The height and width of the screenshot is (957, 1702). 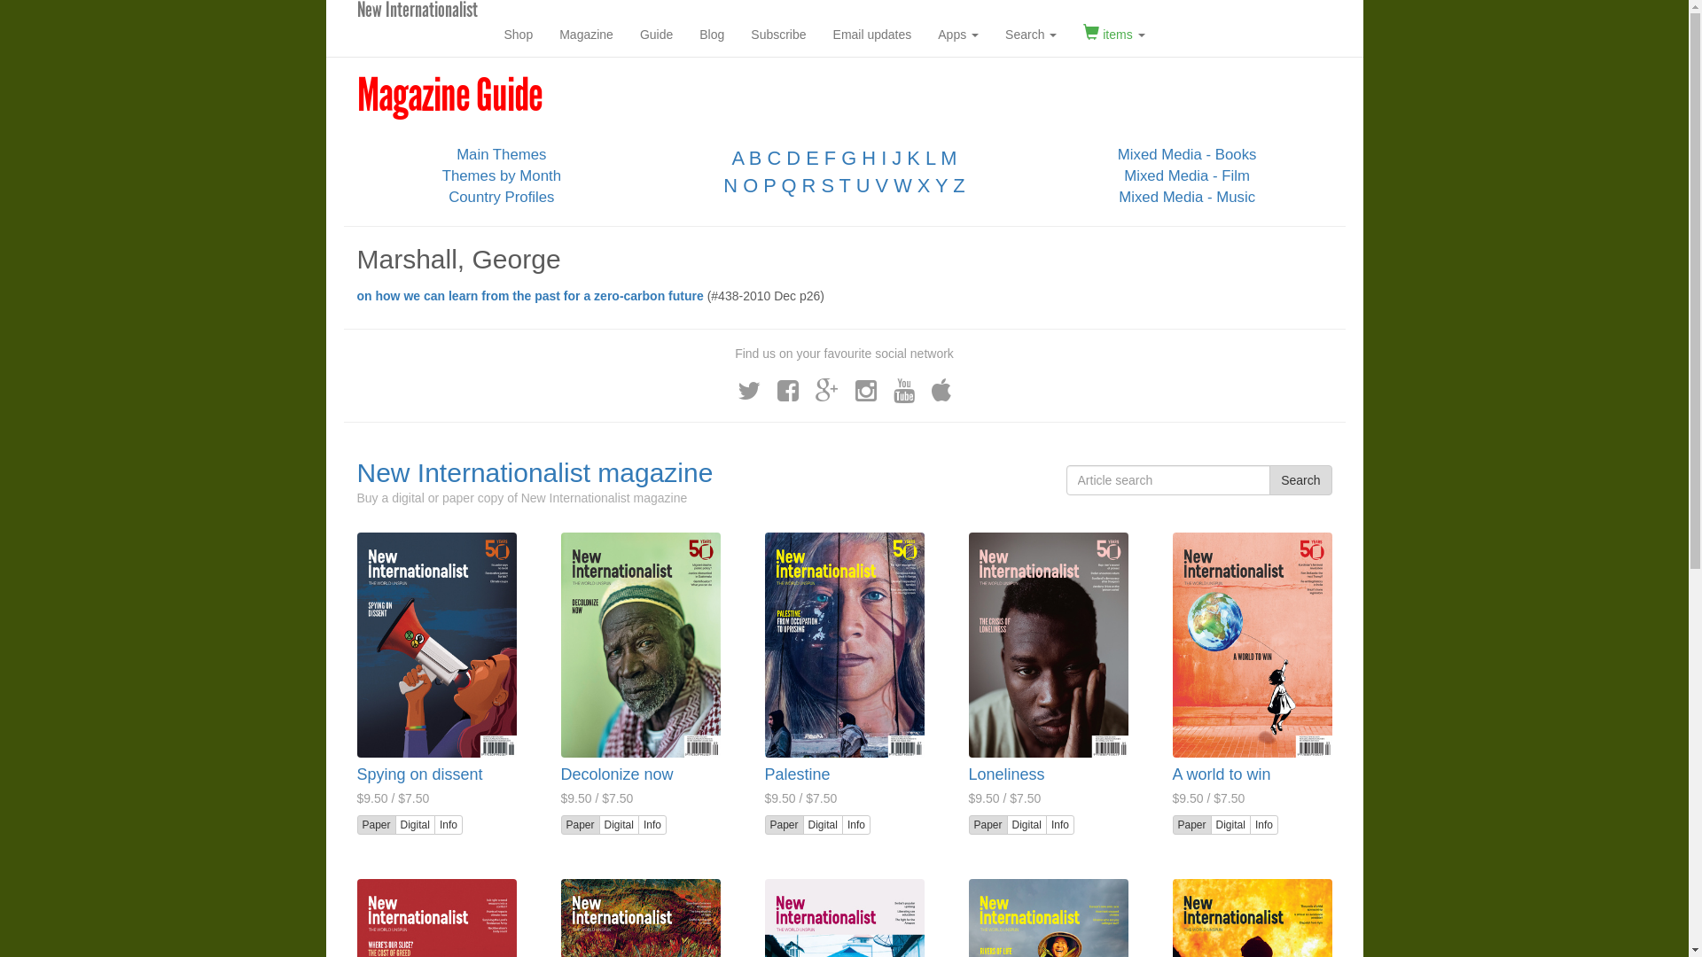 What do you see at coordinates (764, 774) in the screenshot?
I see `'Palestine'` at bounding box center [764, 774].